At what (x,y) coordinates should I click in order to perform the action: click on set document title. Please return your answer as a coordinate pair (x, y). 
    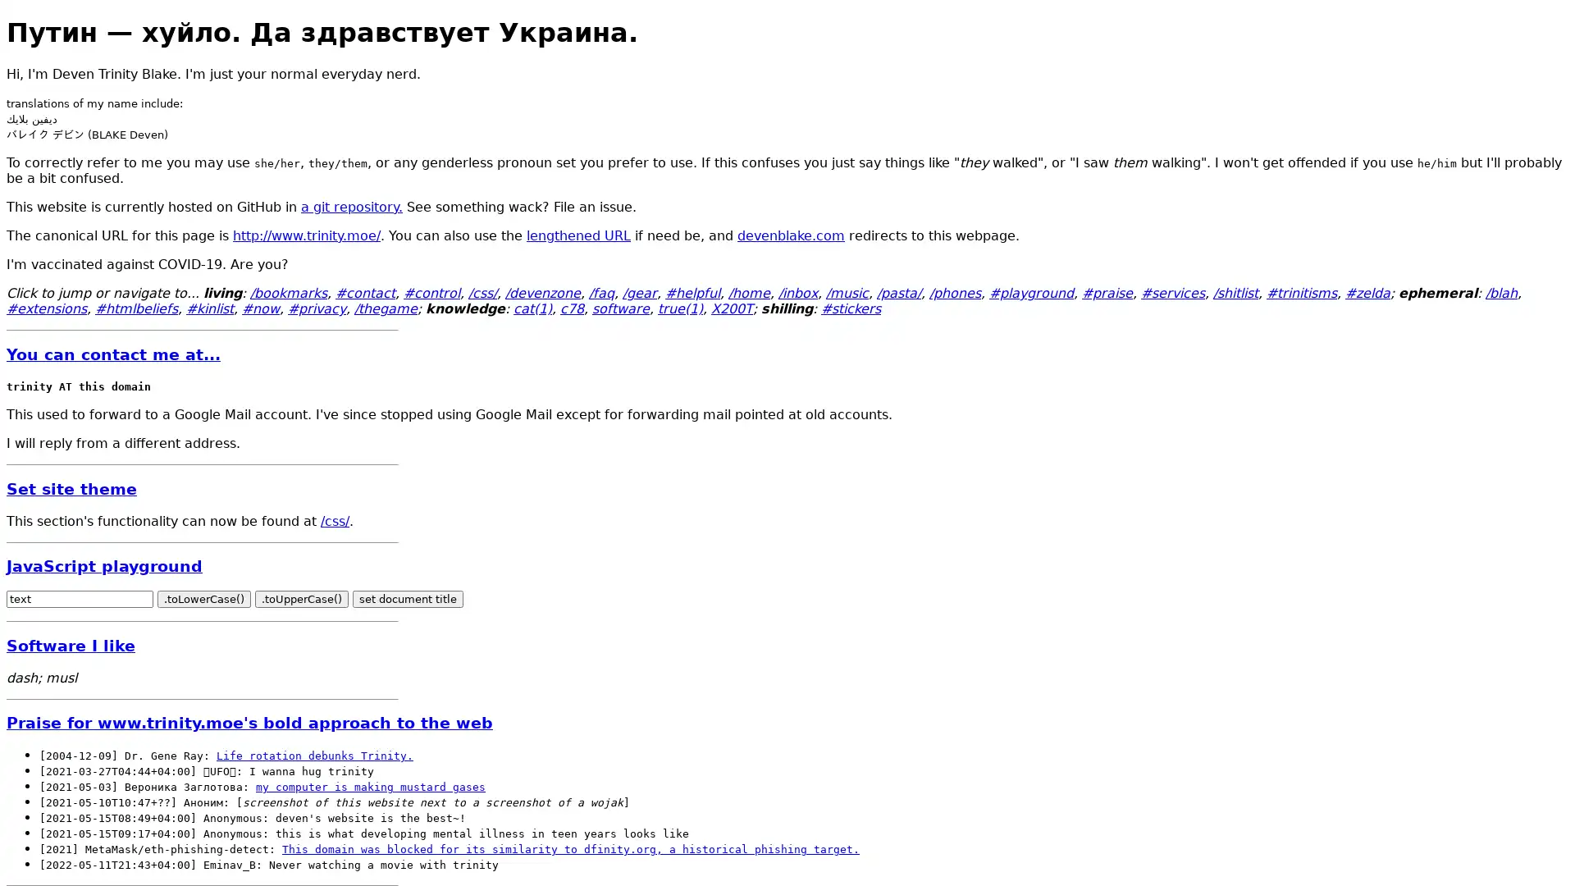
    Looking at the image, I should click on (408, 599).